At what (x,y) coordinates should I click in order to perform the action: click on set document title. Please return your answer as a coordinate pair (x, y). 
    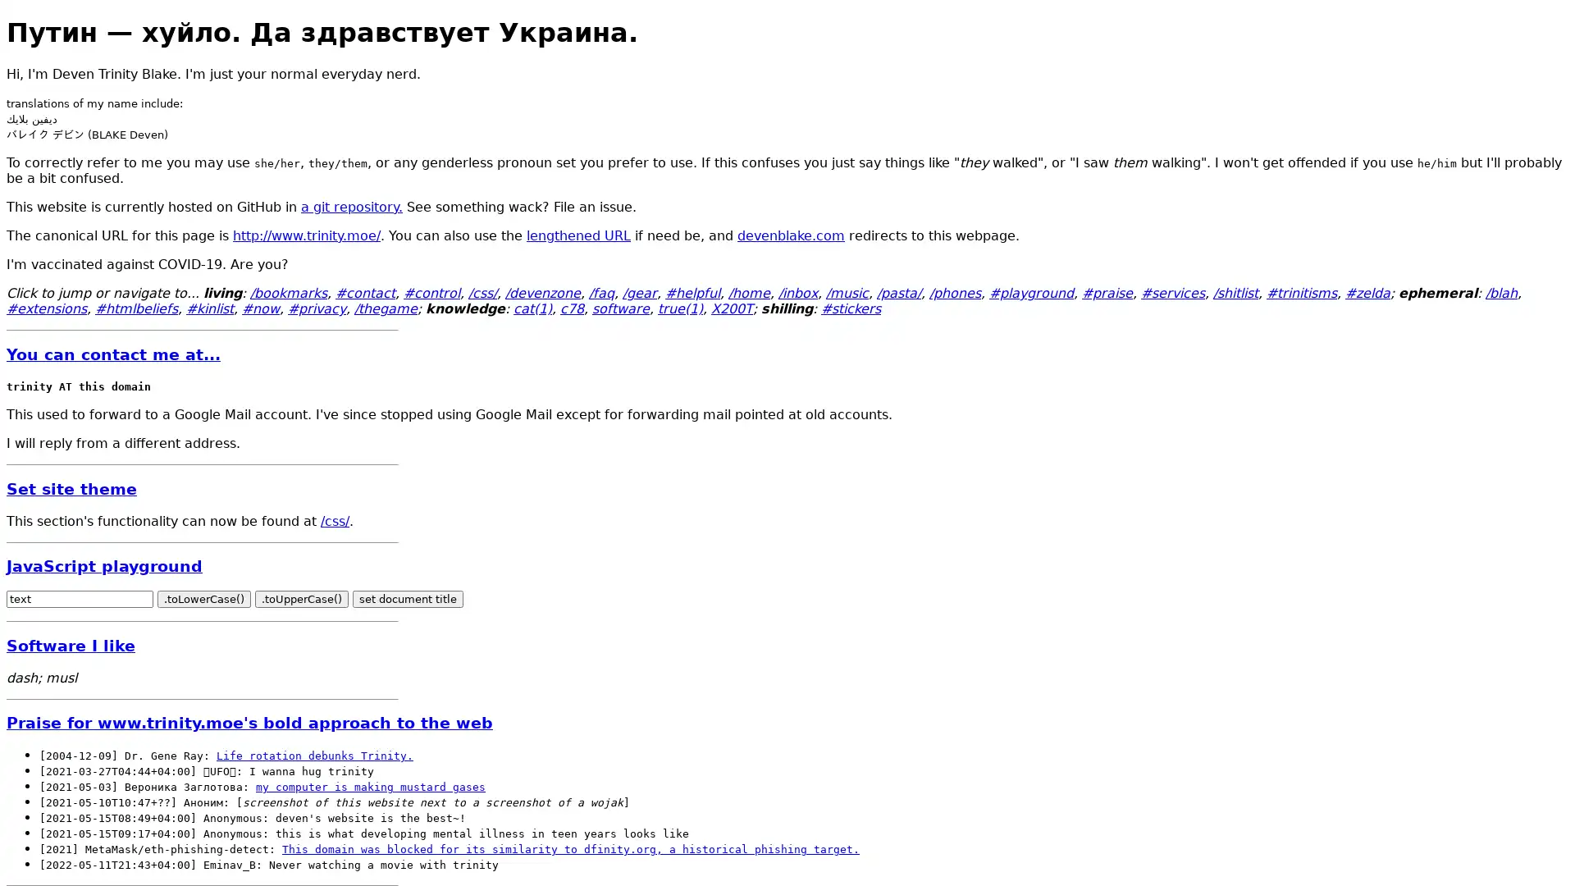
    Looking at the image, I should click on (408, 599).